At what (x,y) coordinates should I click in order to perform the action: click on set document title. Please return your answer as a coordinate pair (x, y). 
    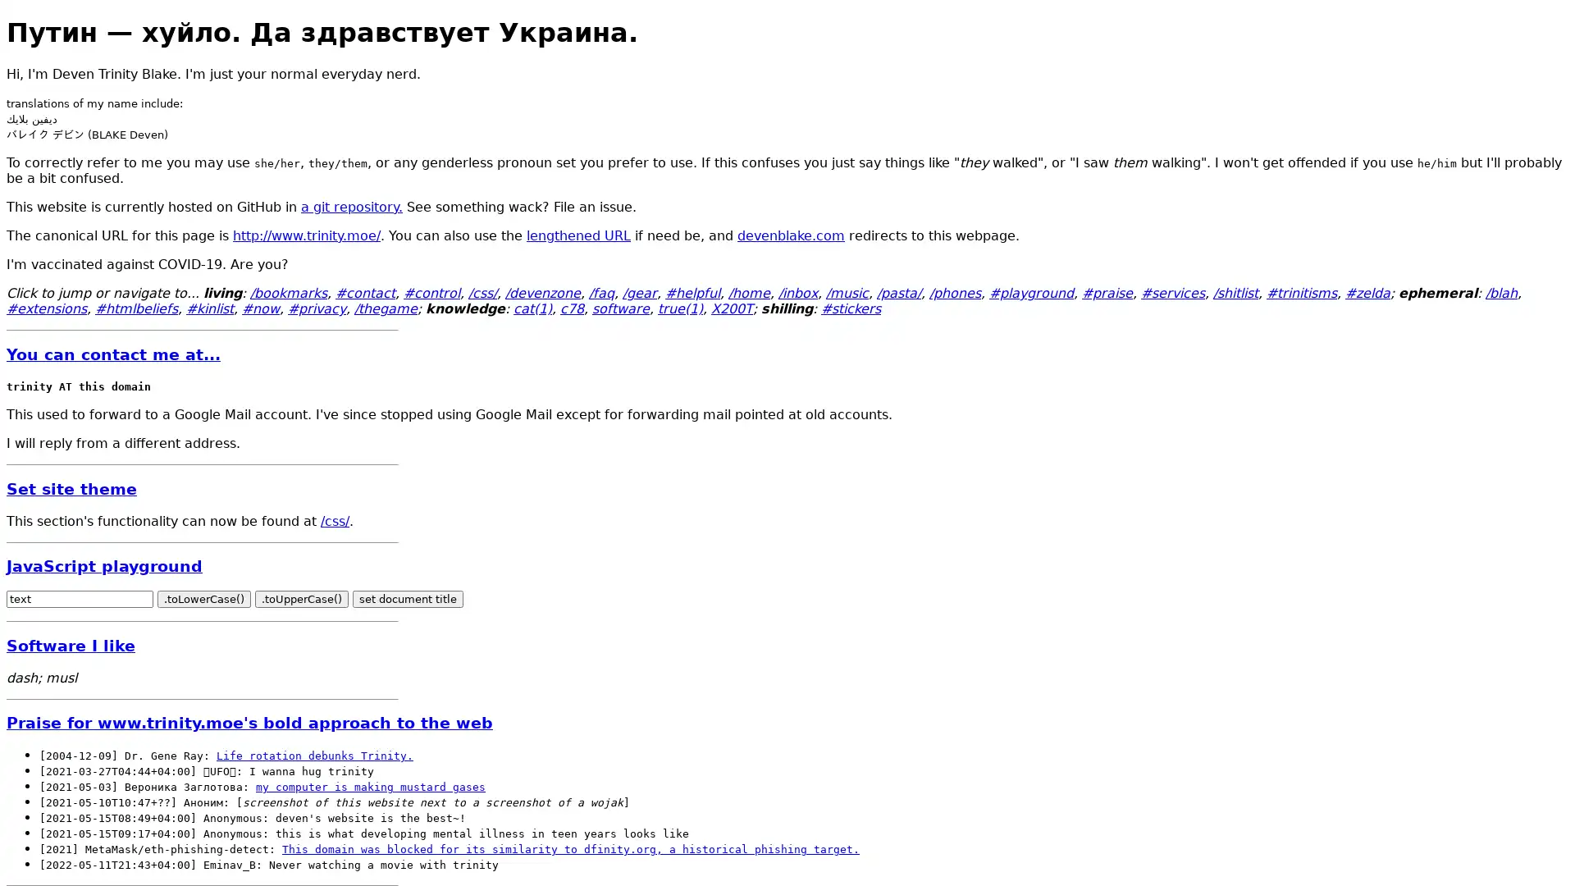
    Looking at the image, I should click on (408, 599).